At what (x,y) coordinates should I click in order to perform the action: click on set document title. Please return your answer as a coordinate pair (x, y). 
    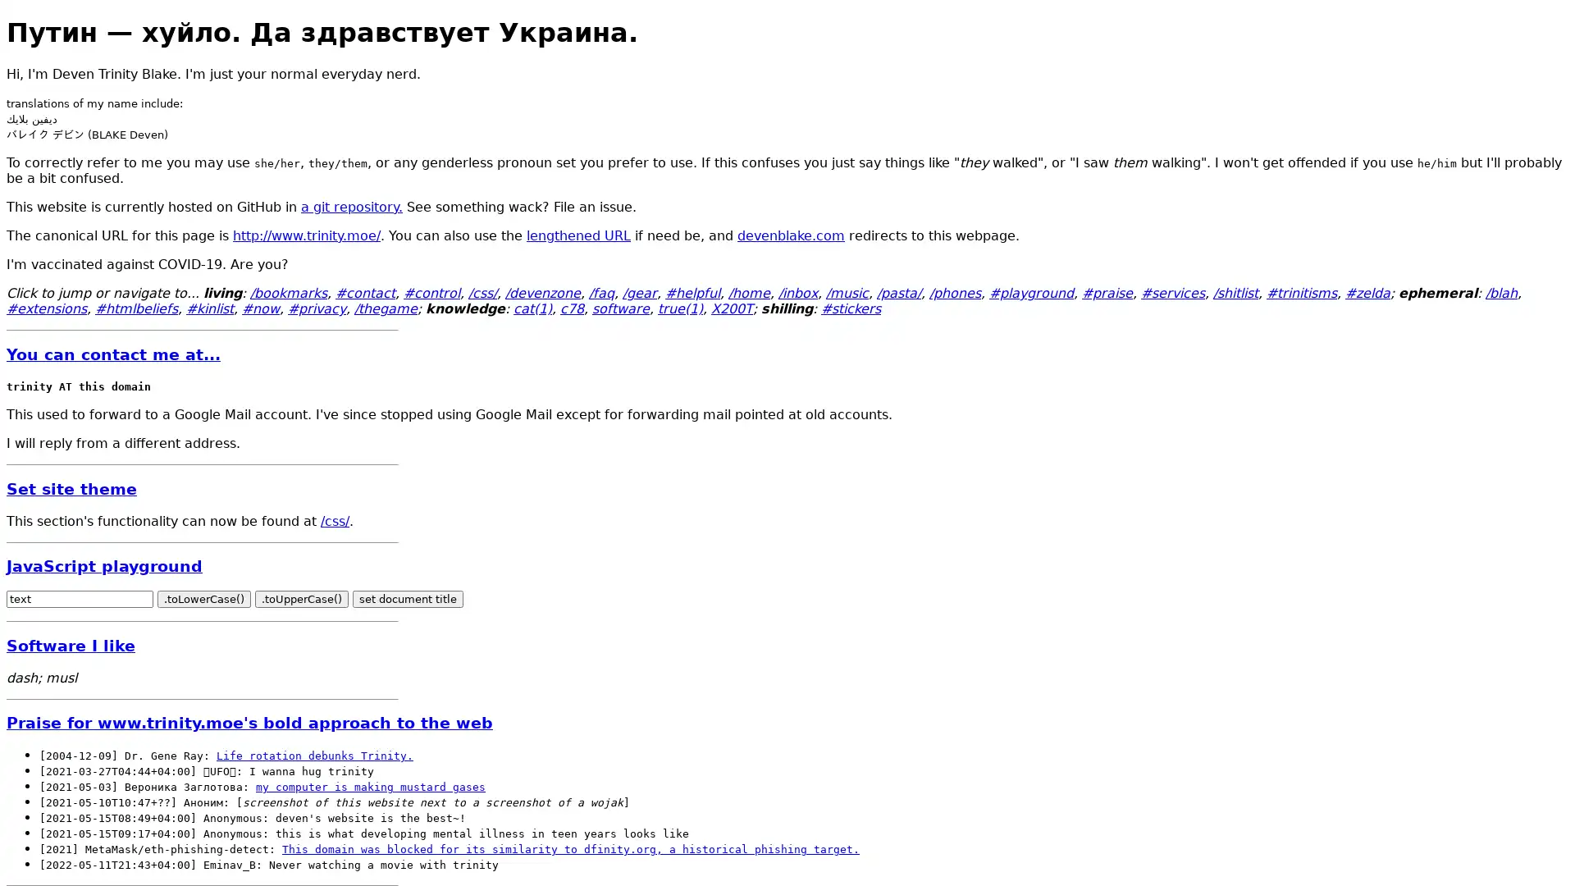
    Looking at the image, I should click on (408, 599).